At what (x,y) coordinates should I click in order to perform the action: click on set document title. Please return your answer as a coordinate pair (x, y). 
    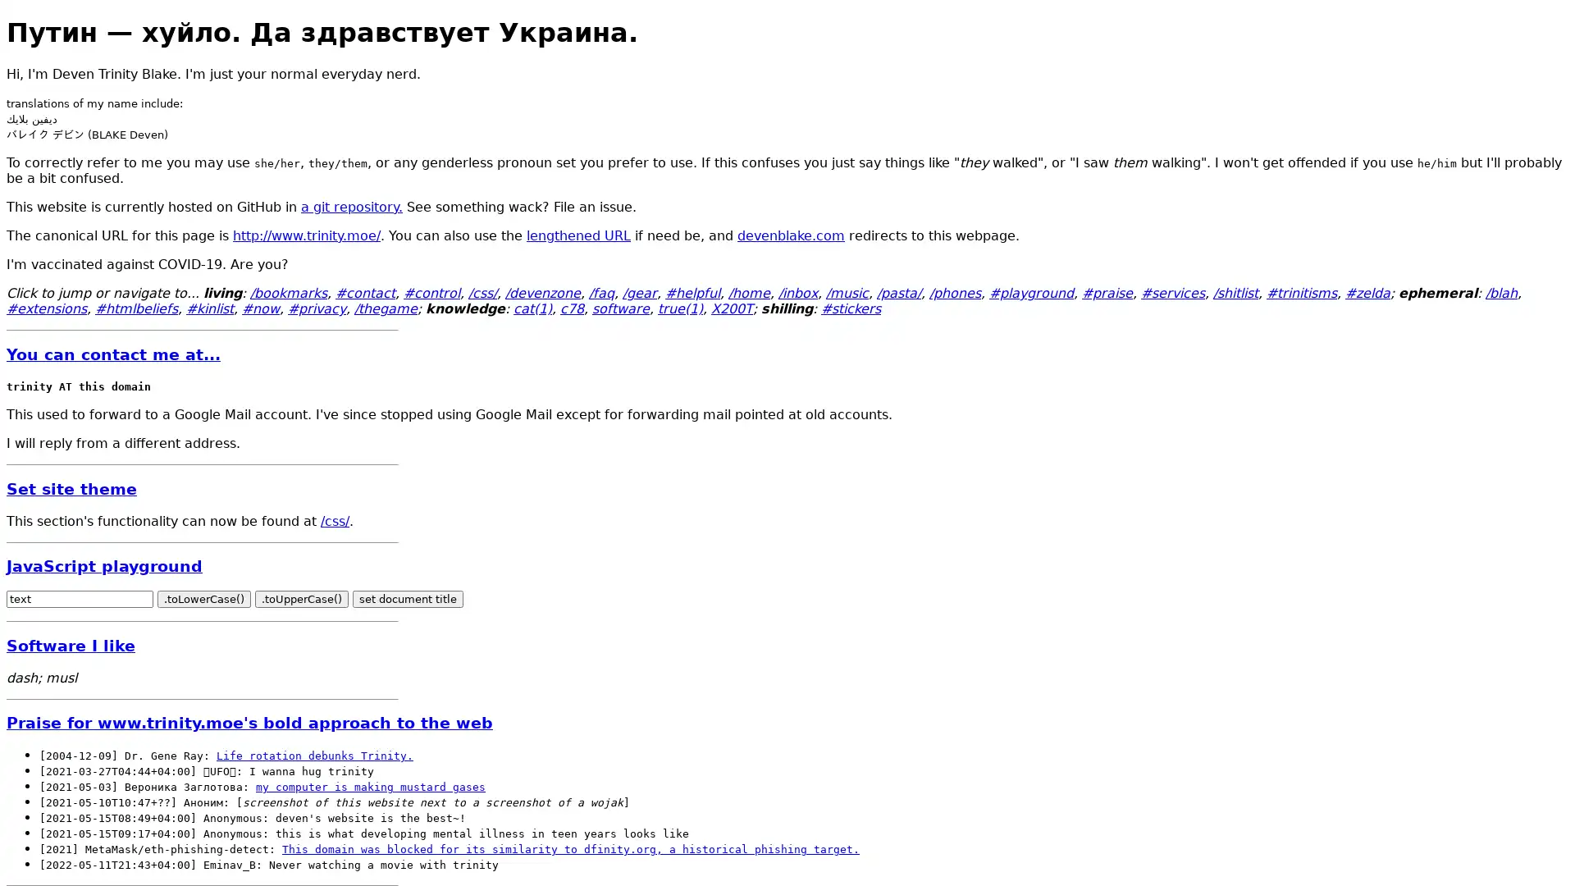
    Looking at the image, I should click on (408, 599).